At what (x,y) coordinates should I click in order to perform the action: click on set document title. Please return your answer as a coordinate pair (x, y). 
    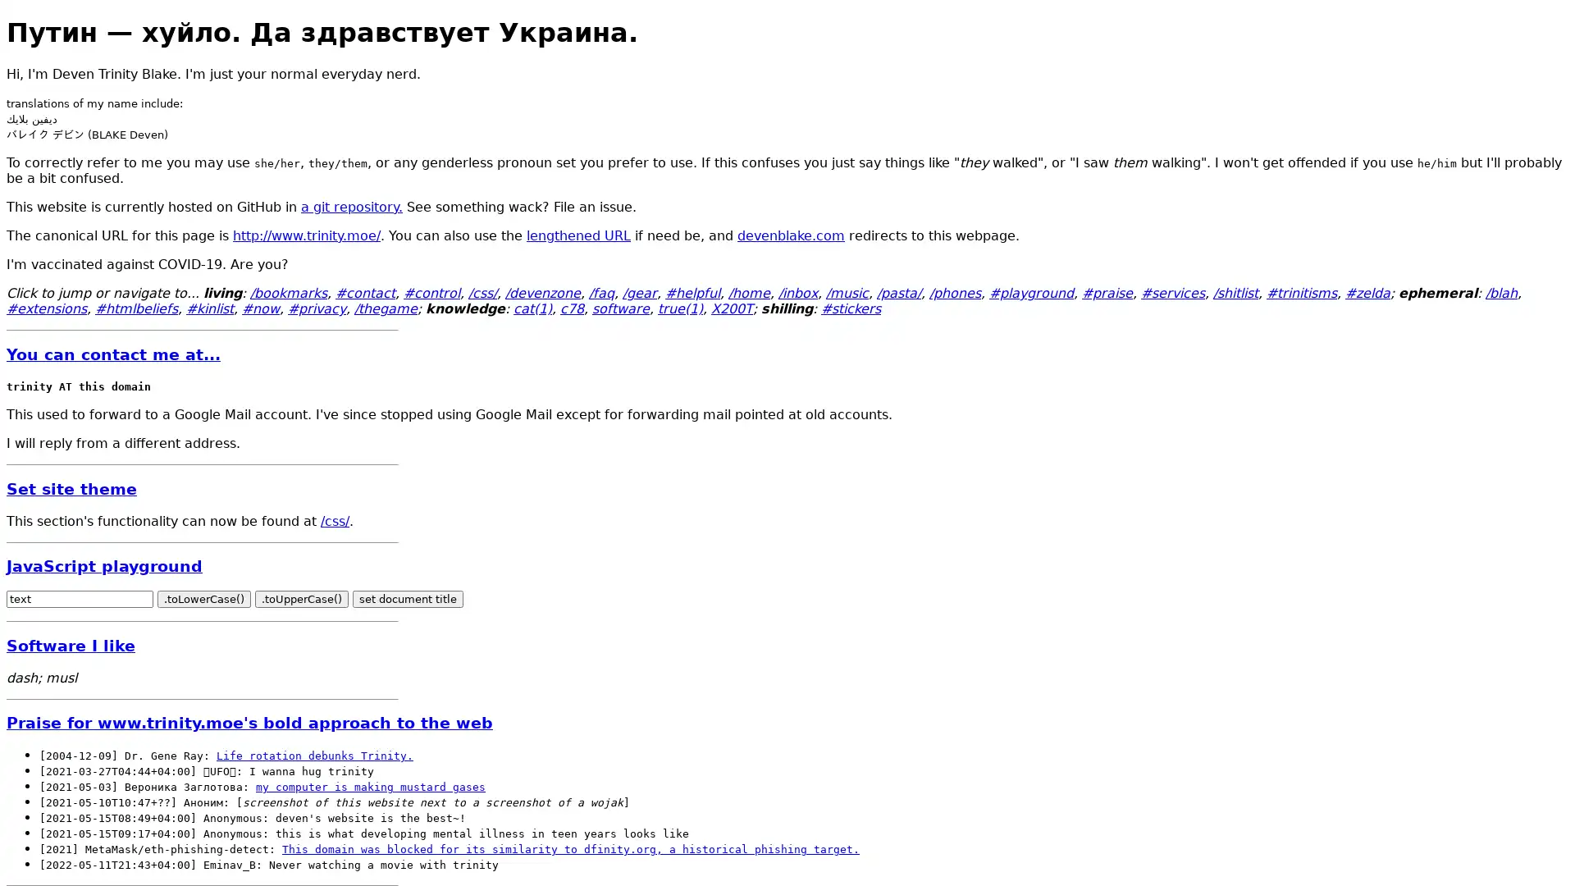
    Looking at the image, I should click on (408, 599).